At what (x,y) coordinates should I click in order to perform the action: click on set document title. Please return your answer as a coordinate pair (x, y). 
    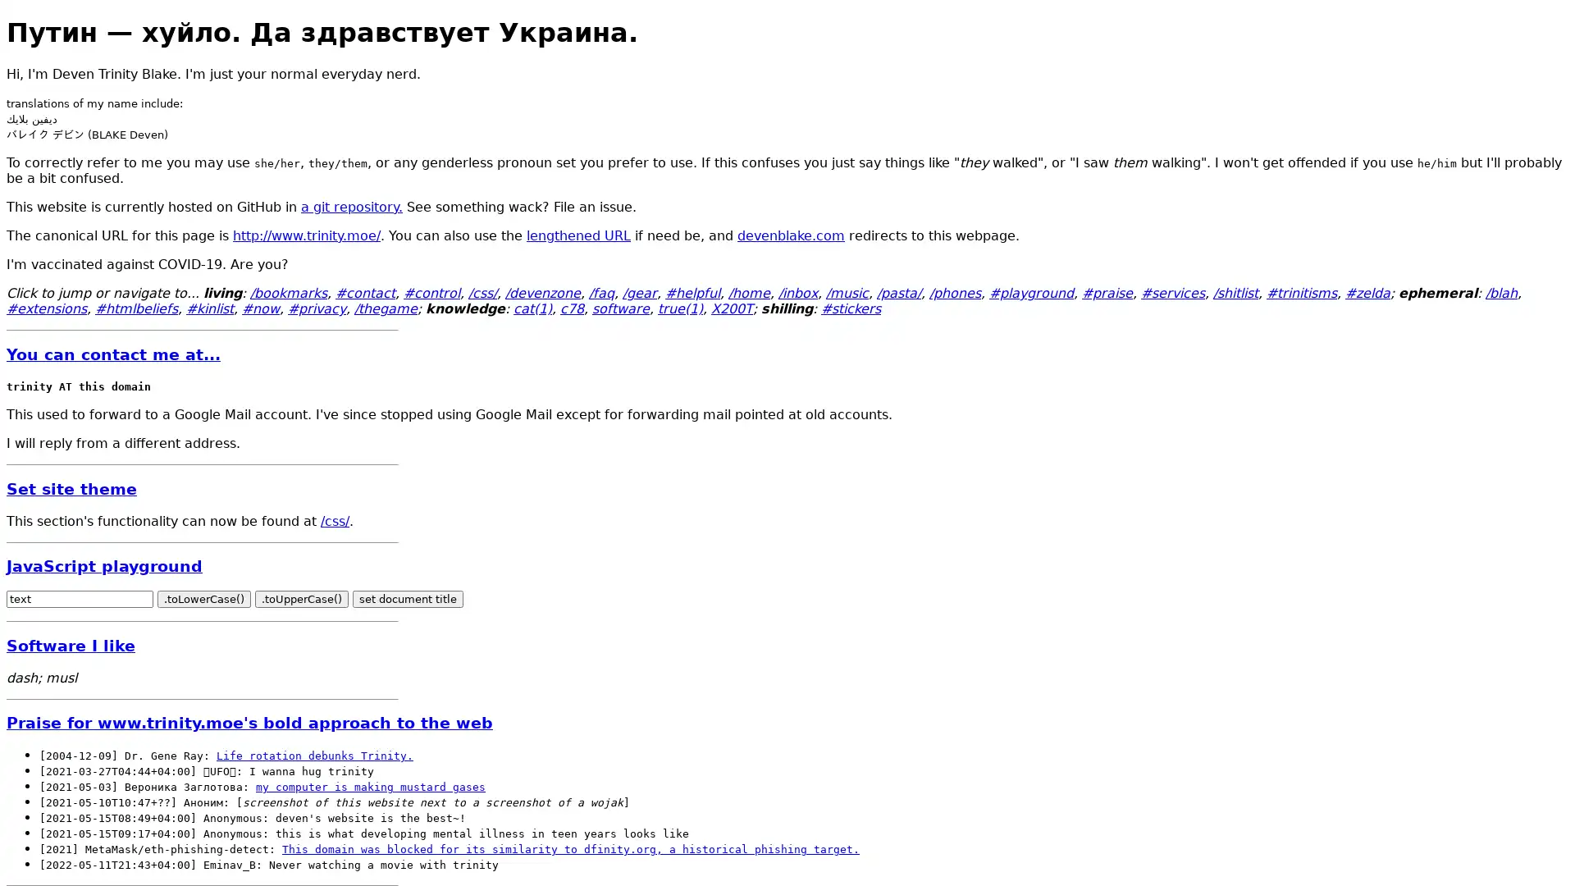
    Looking at the image, I should click on (408, 599).